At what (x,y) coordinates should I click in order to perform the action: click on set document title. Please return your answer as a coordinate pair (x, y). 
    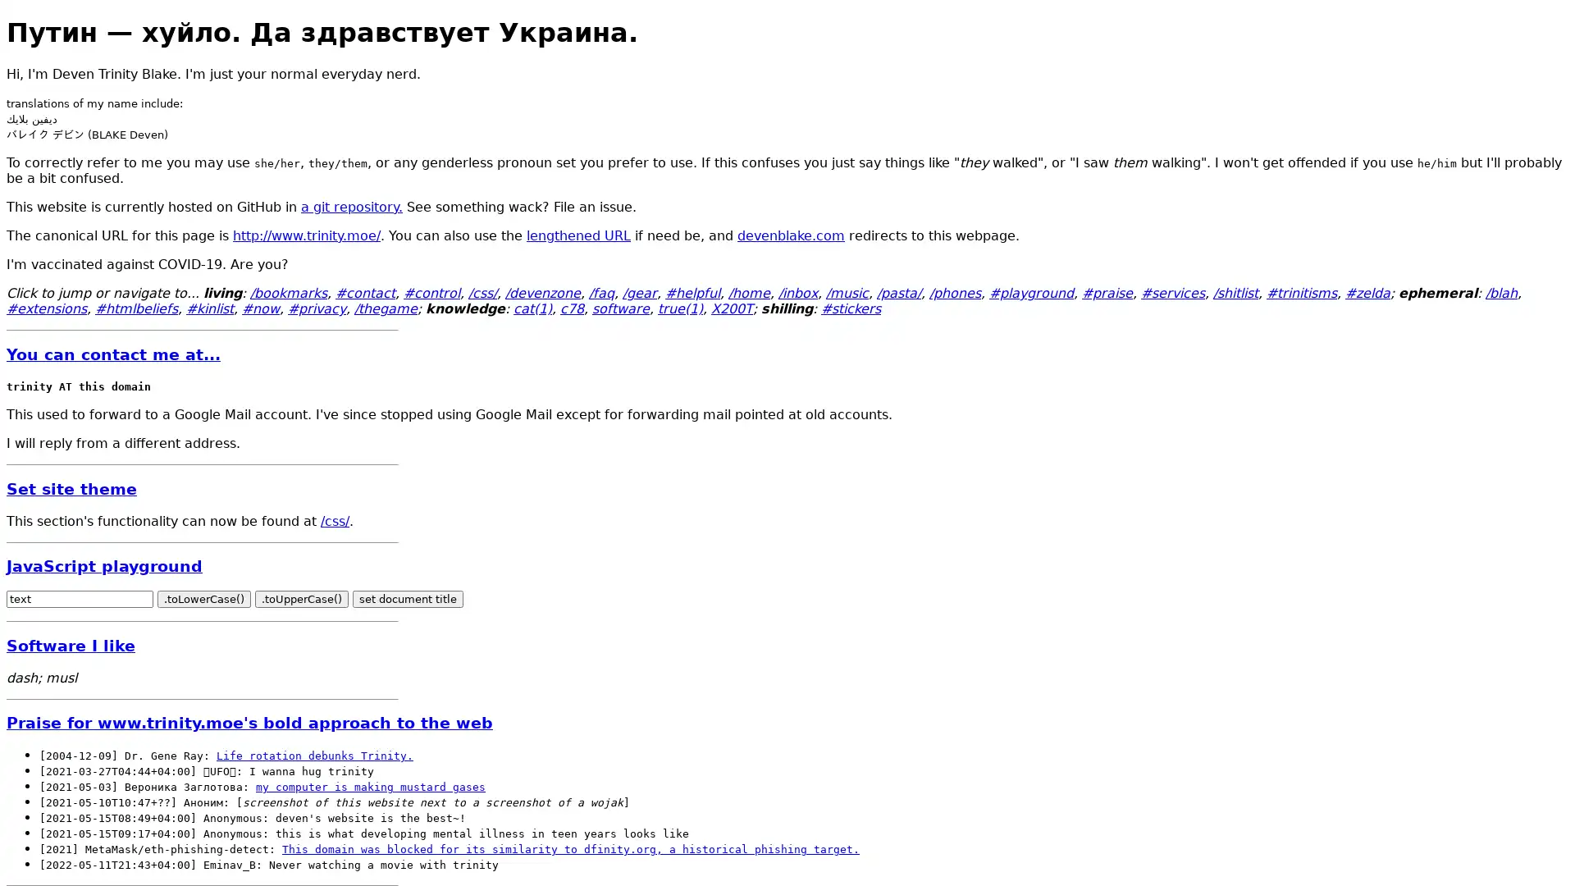
    Looking at the image, I should click on (408, 599).